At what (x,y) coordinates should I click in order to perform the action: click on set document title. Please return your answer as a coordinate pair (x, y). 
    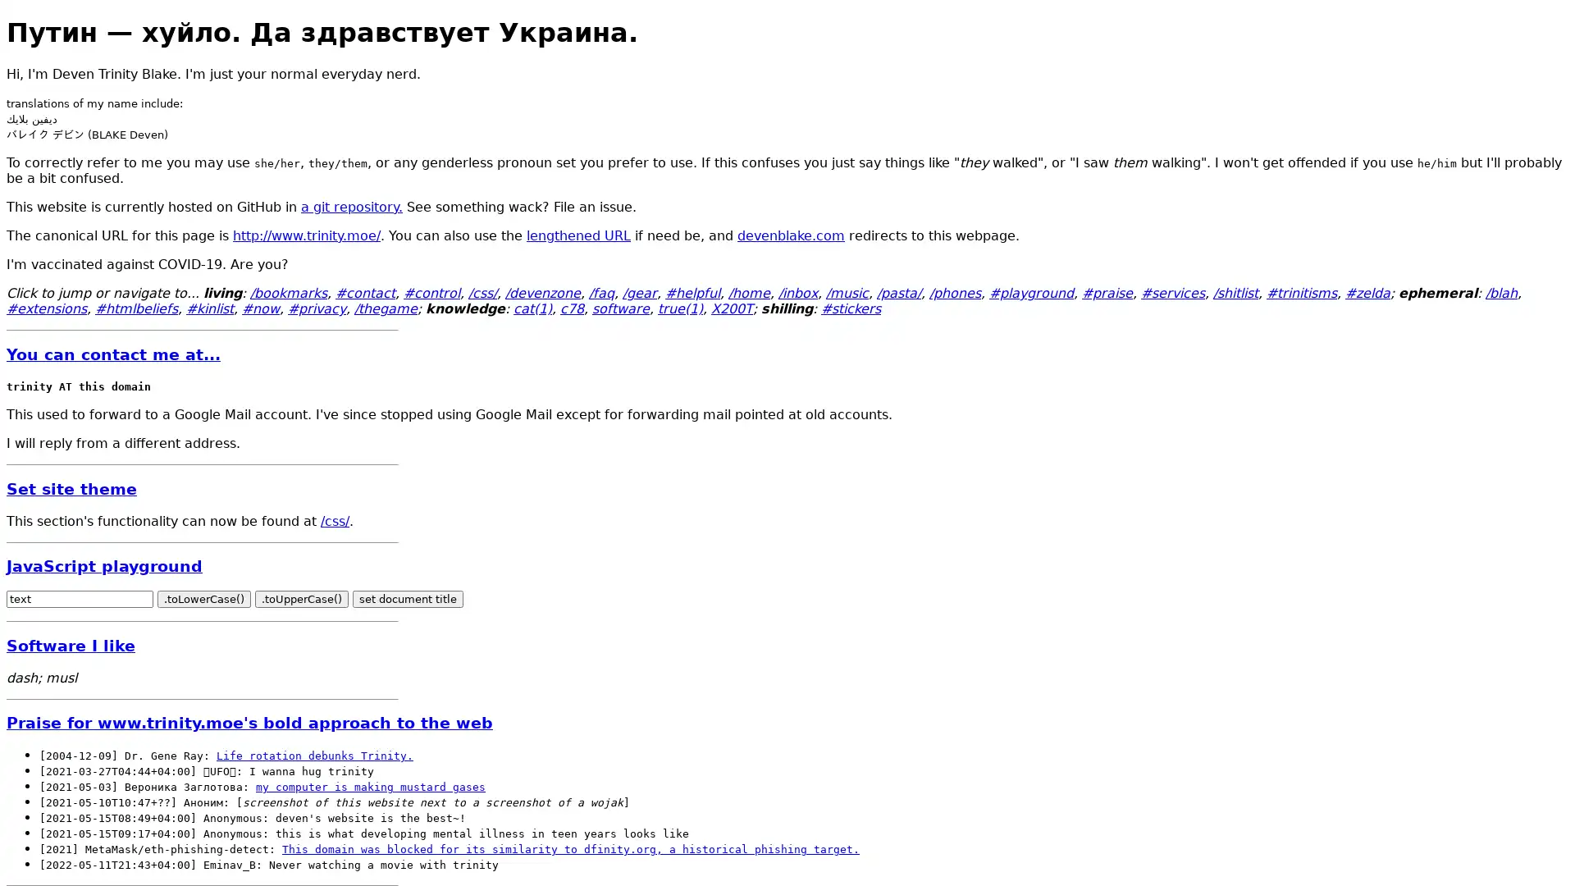
    Looking at the image, I should click on (408, 599).